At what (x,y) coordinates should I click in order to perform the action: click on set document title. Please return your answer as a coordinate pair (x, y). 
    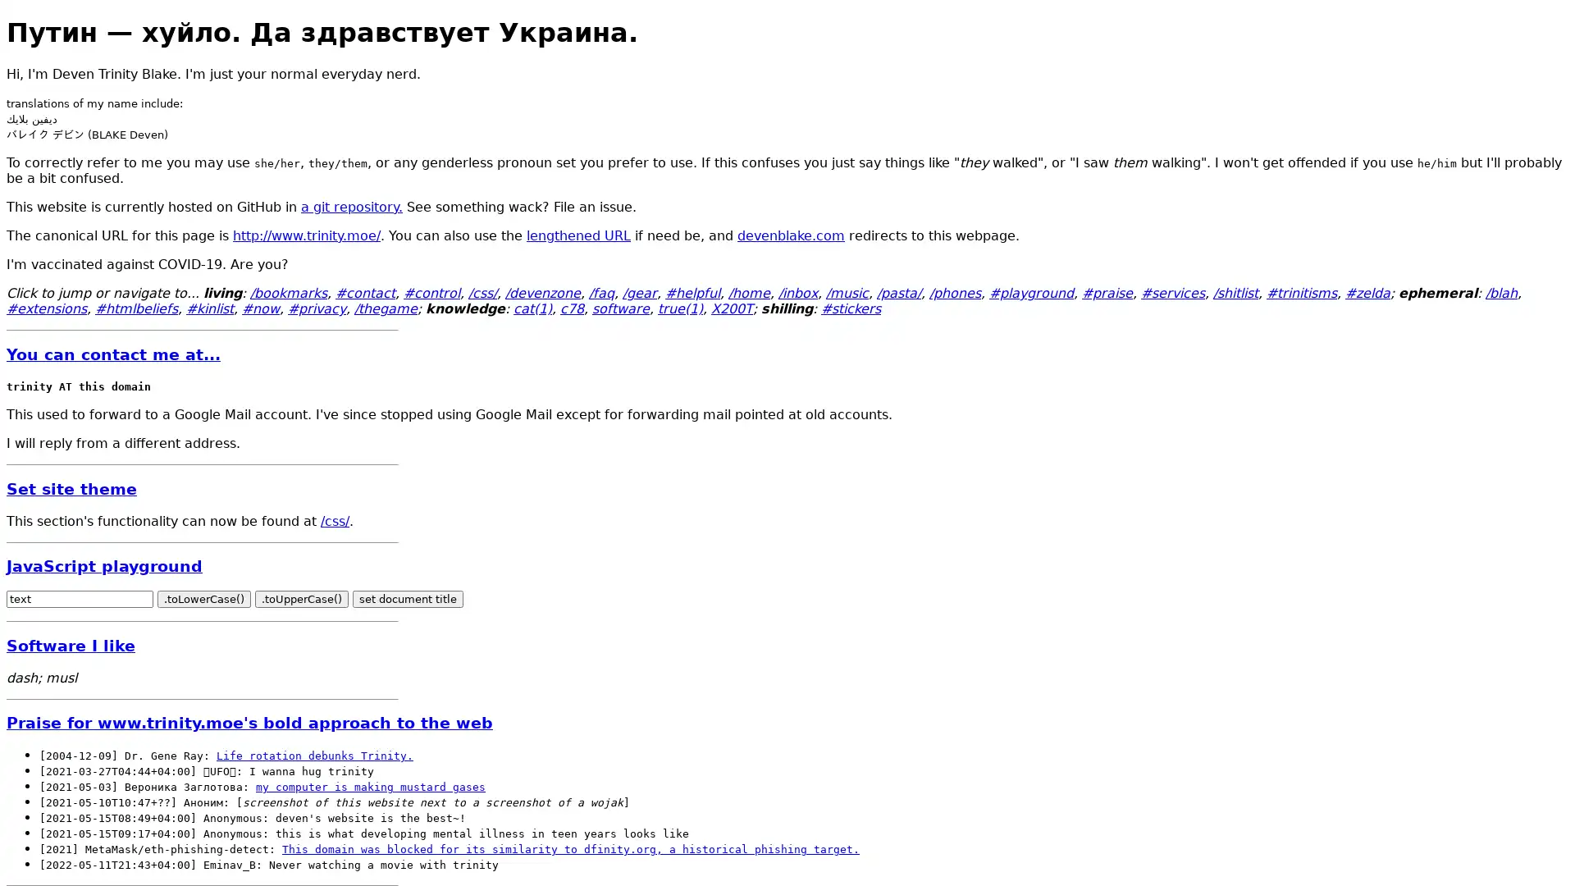
    Looking at the image, I should click on (408, 599).